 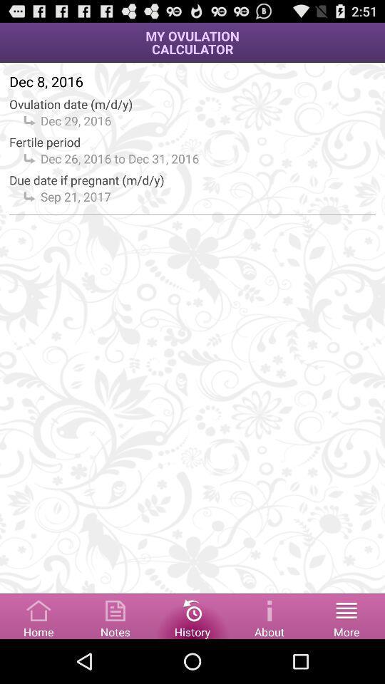 I want to click on history option, so click(x=192, y=615).